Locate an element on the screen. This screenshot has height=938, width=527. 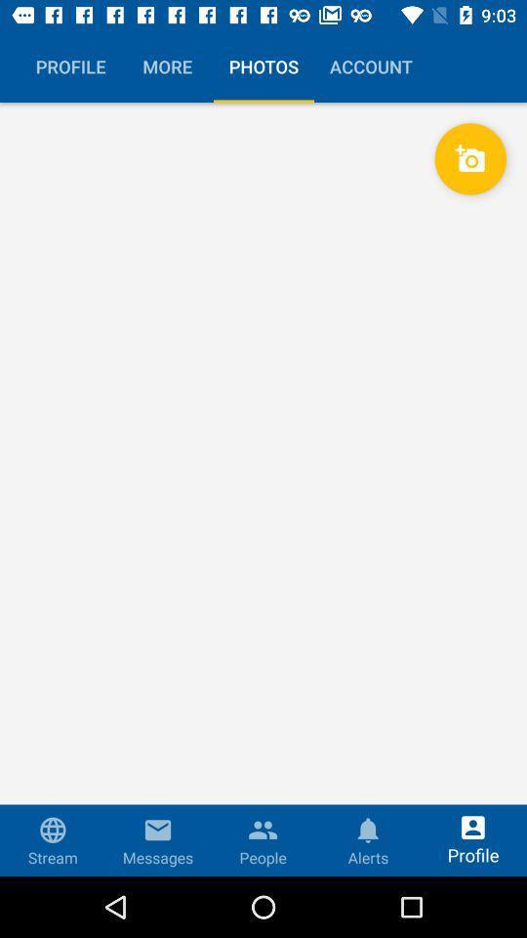
the profile at right sidelast bottom is located at coordinates (471, 839).